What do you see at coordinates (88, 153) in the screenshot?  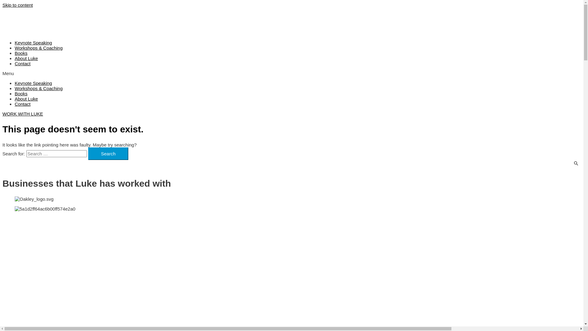 I see `'Search'` at bounding box center [88, 153].